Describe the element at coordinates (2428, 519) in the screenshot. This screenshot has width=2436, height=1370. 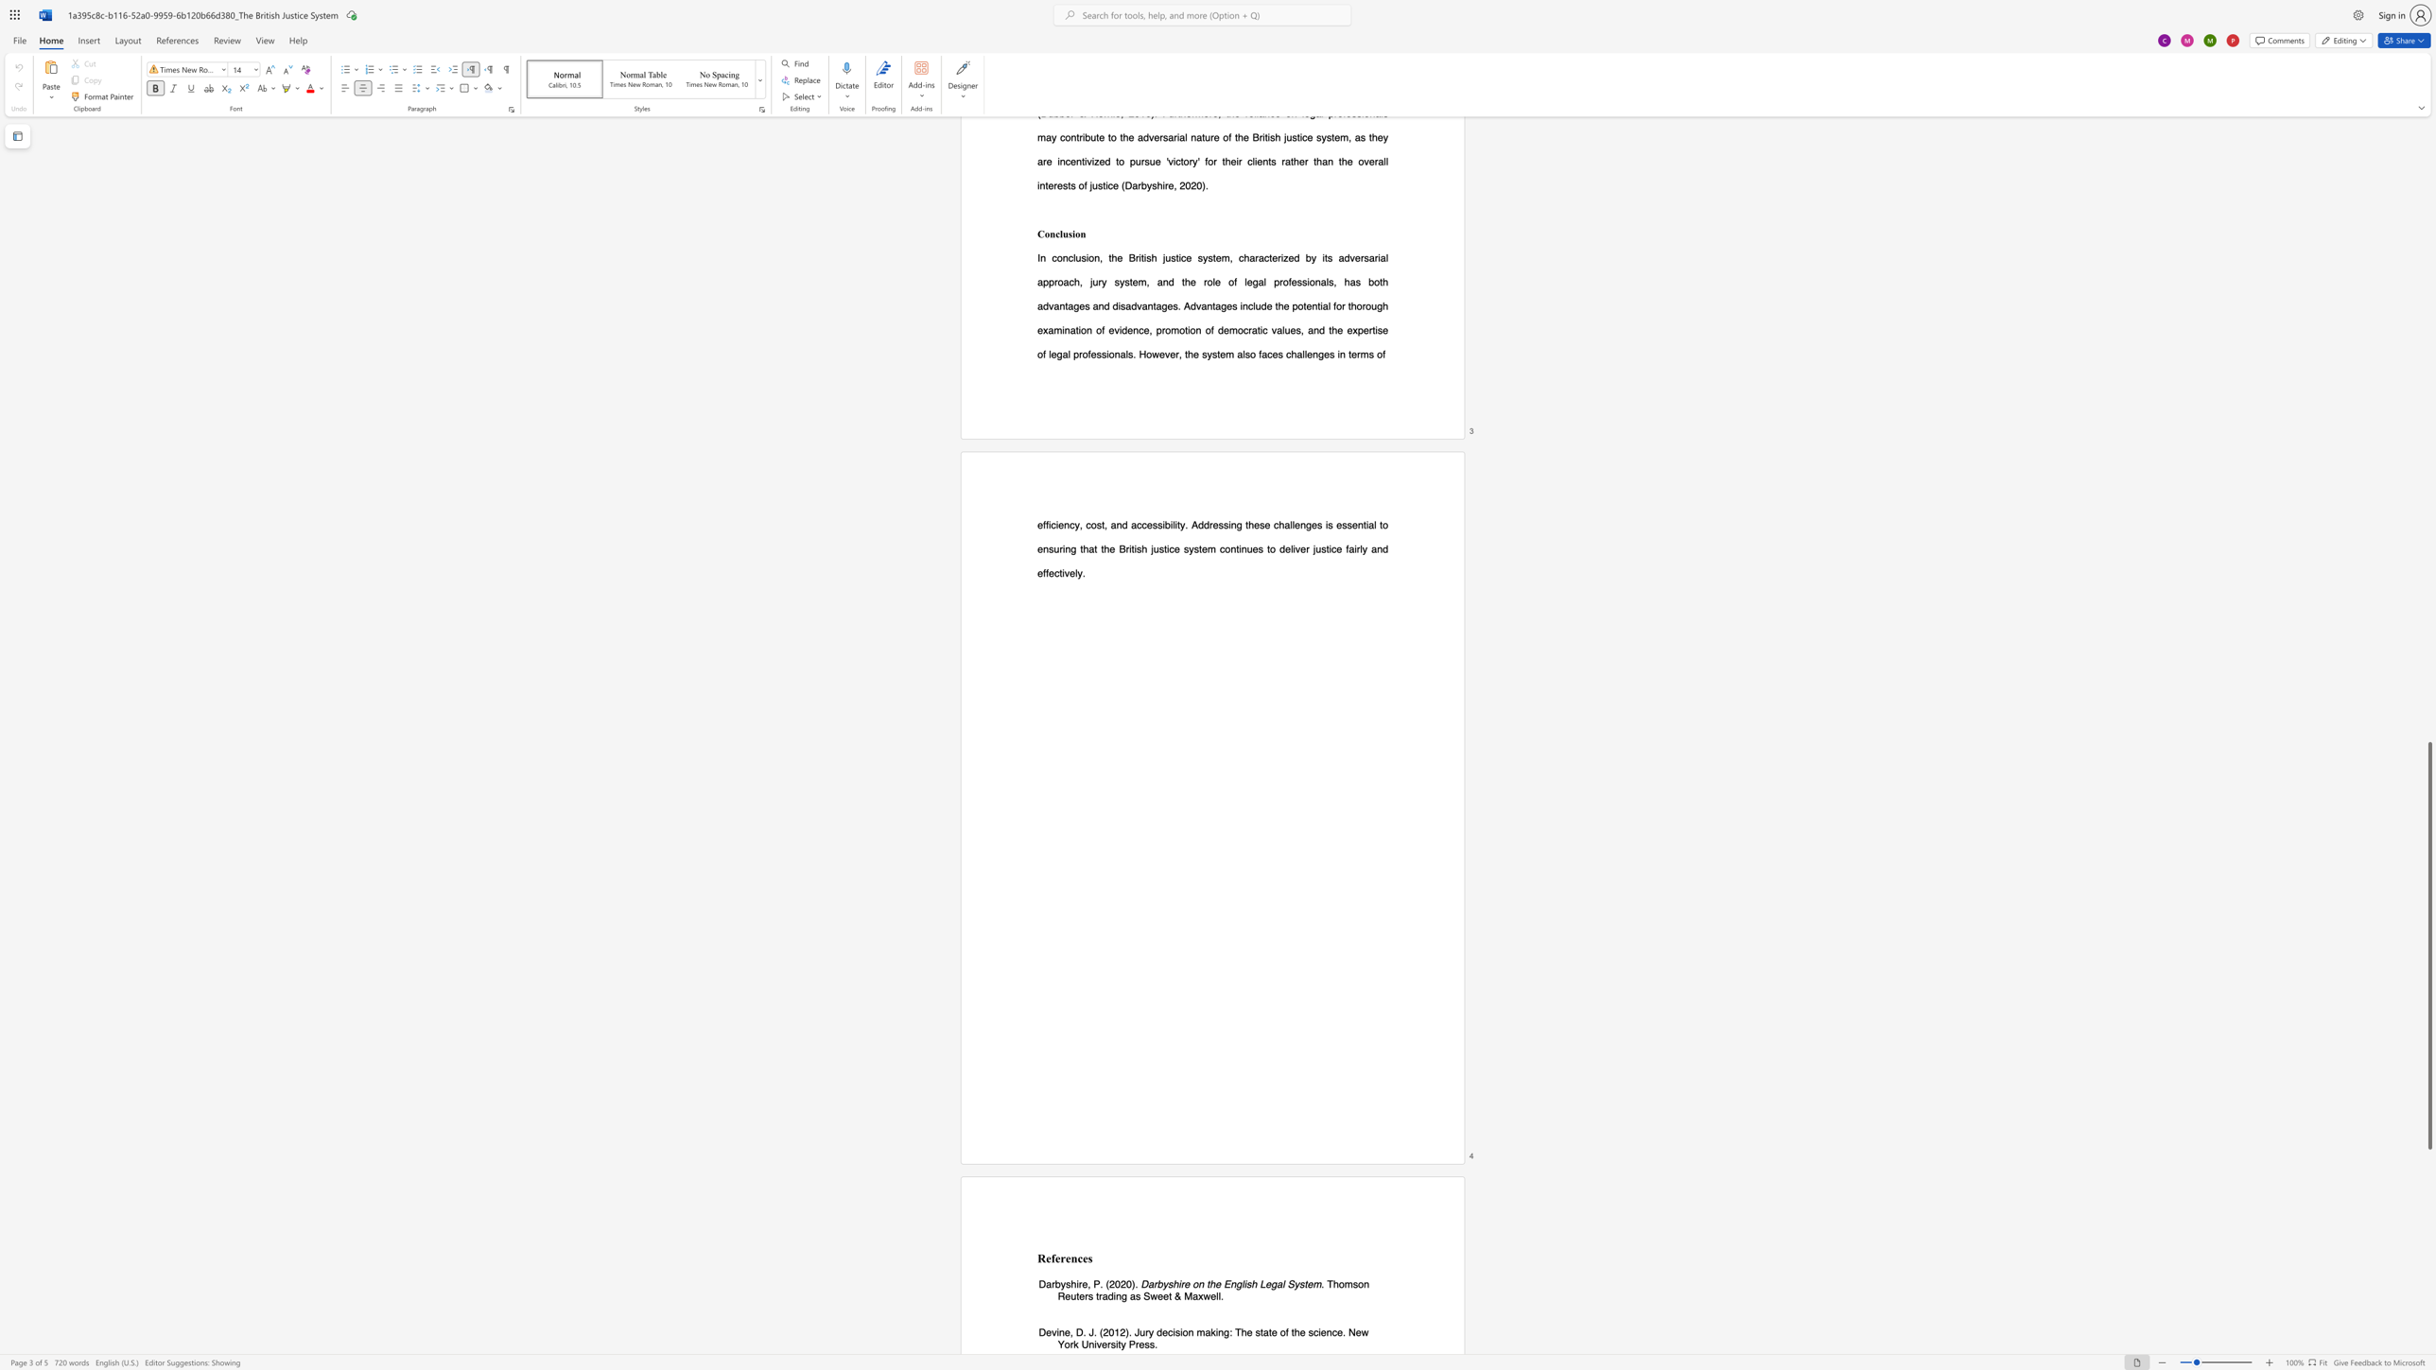
I see `the vertical scrollbar to raise the page content` at that location.